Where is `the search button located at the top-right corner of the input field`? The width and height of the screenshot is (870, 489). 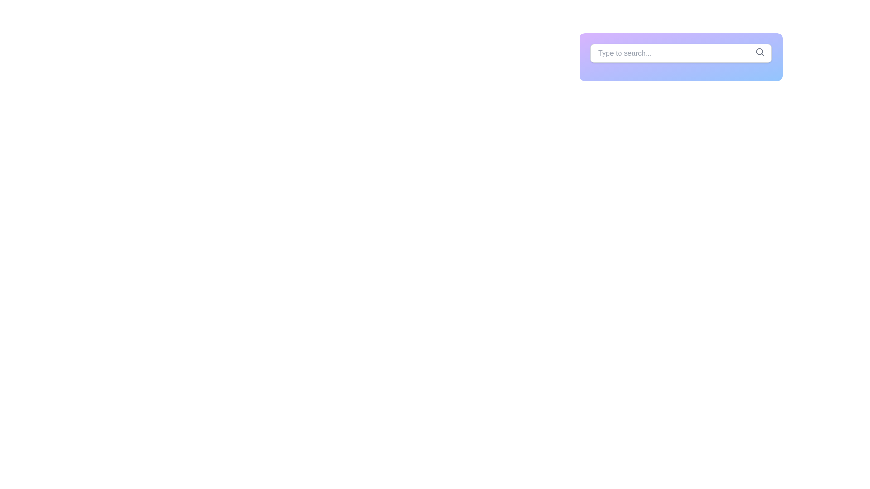 the search button located at the top-right corner of the input field is located at coordinates (759, 52).